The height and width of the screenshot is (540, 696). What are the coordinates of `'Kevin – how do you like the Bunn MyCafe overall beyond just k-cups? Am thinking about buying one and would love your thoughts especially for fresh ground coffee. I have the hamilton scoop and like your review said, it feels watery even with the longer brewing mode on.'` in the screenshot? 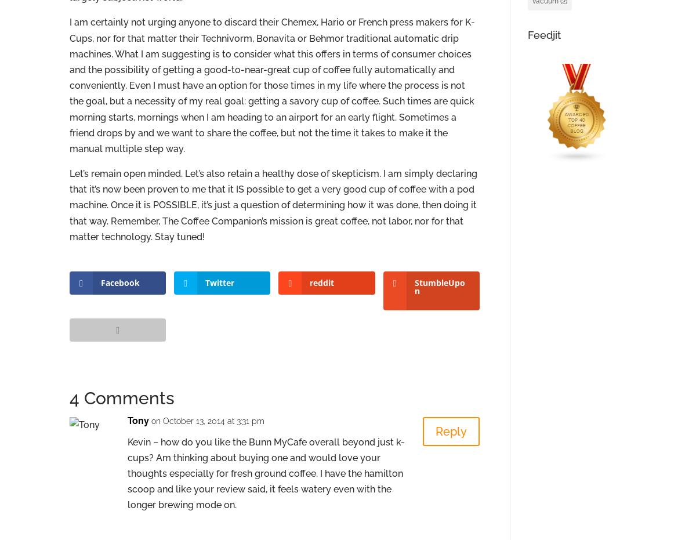 It's located at (266, 473).